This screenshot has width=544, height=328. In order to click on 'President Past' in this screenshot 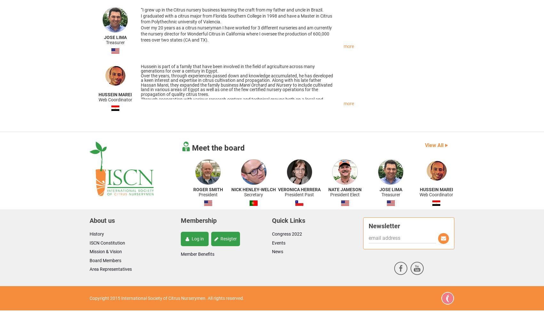, I will do `click(299, 194)`.